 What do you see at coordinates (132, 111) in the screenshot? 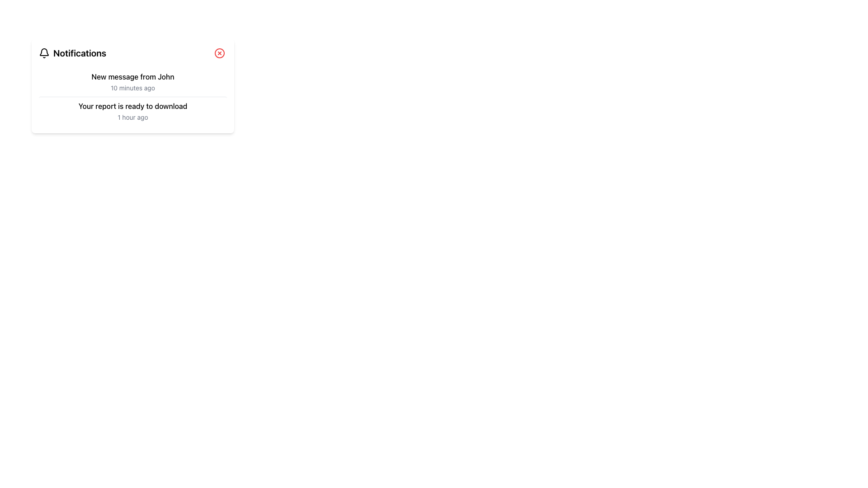
I see `the Notification item labeled 'Your report is ready to download' that appears beneath the notification 'New message from John' for more details or actions` at bounding box center [132, 111].